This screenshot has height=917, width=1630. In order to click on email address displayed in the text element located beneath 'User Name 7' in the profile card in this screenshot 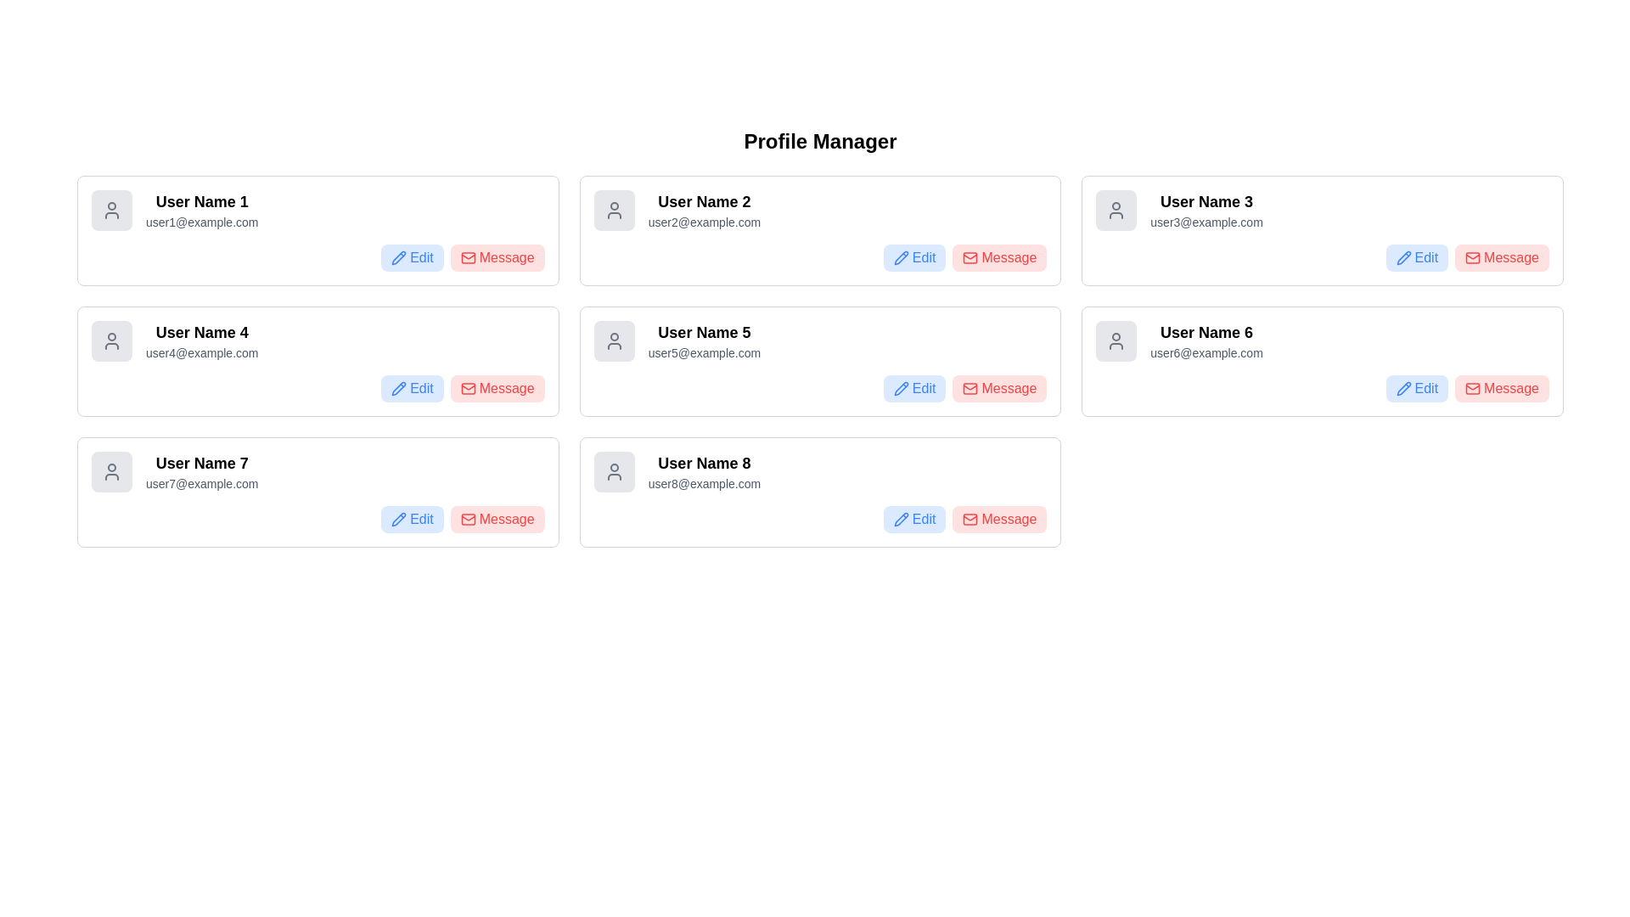, I will do `click(202, 484)`.